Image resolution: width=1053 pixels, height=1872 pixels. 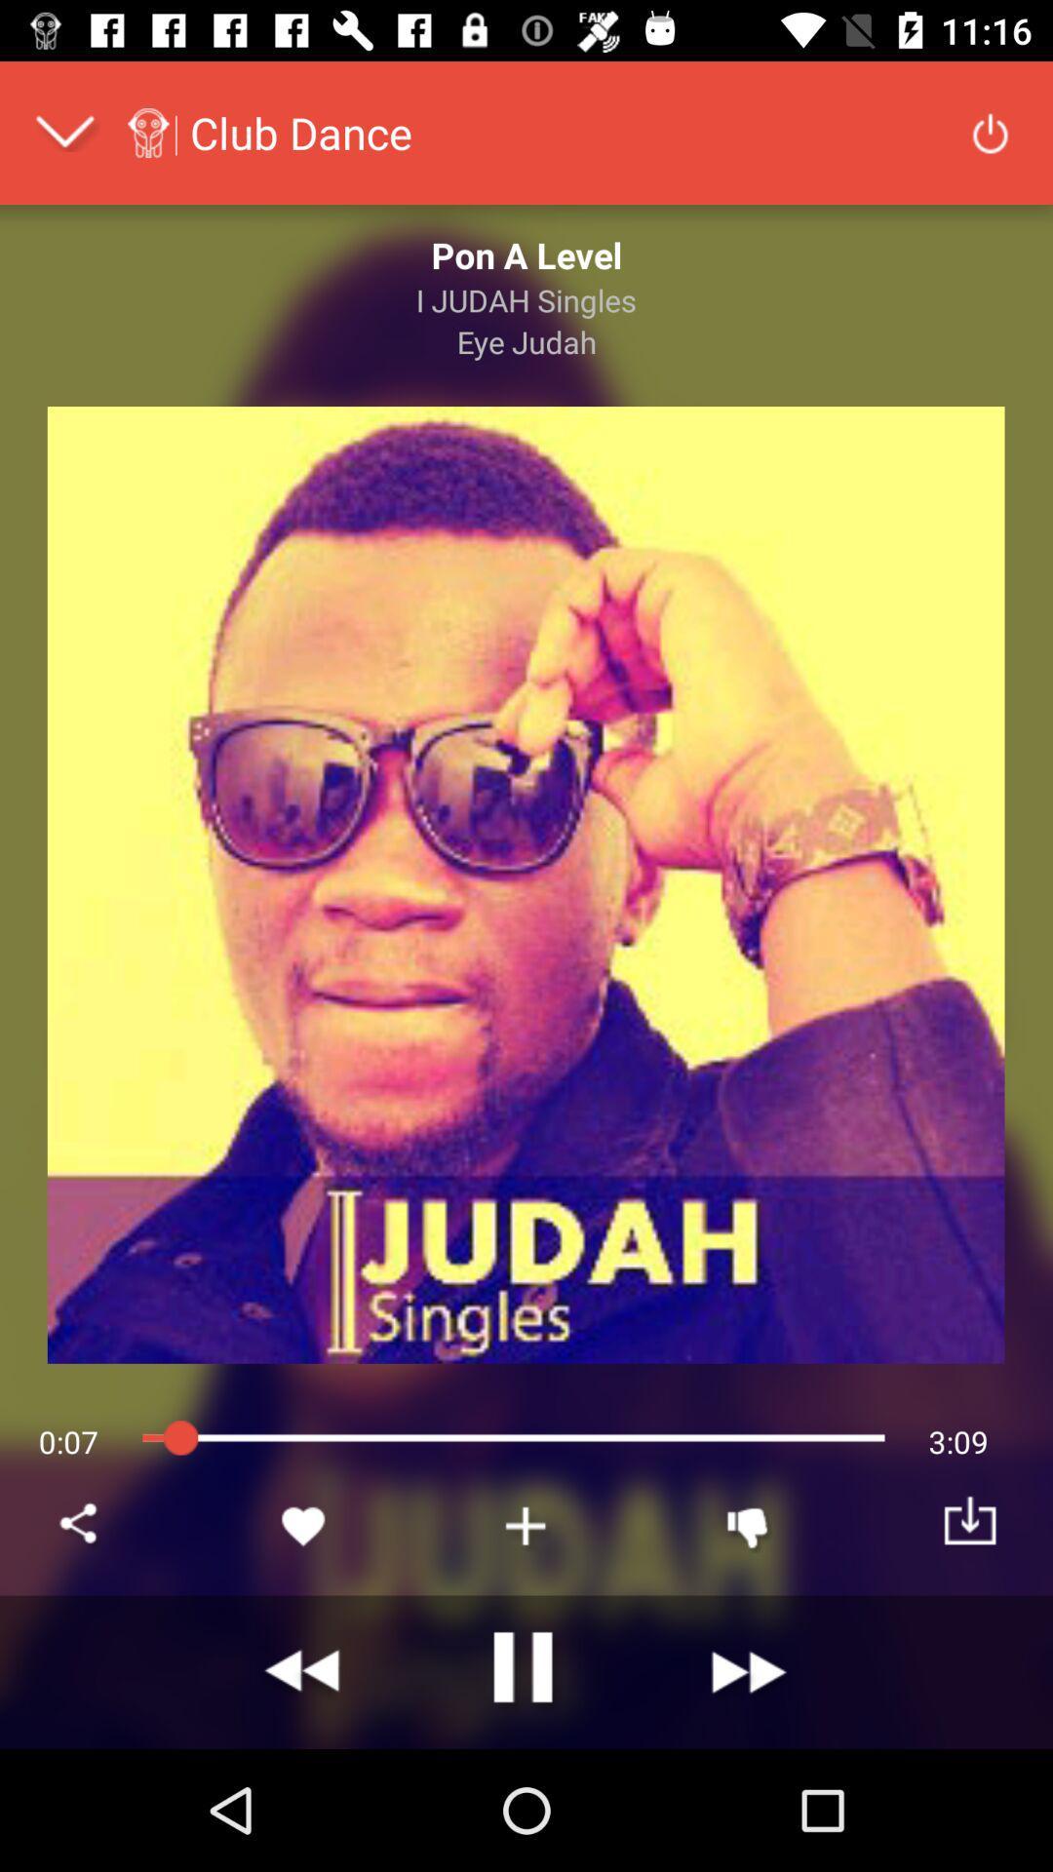 I want to click on the share icon, so click(x=81, y=1525).